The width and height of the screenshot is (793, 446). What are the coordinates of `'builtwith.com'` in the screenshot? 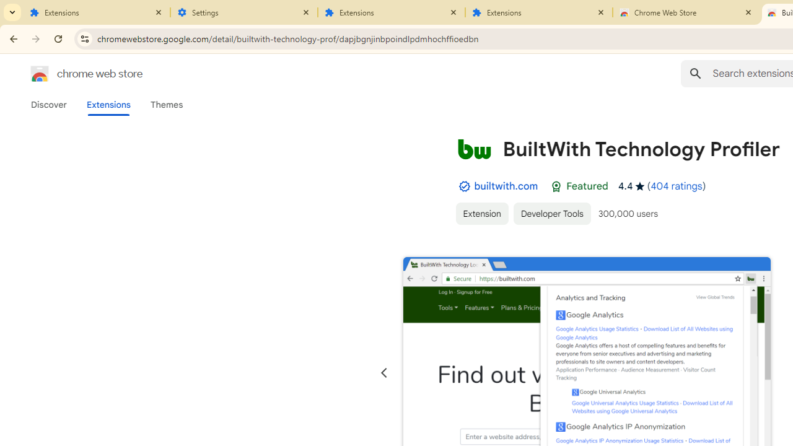 It's located at (506, 186).